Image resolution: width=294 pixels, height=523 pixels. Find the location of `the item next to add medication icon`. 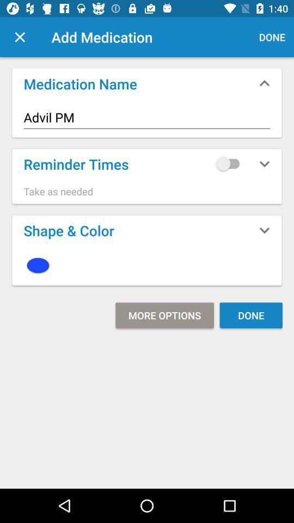

the item next to add medication icon is located at coordinates (20, 37).